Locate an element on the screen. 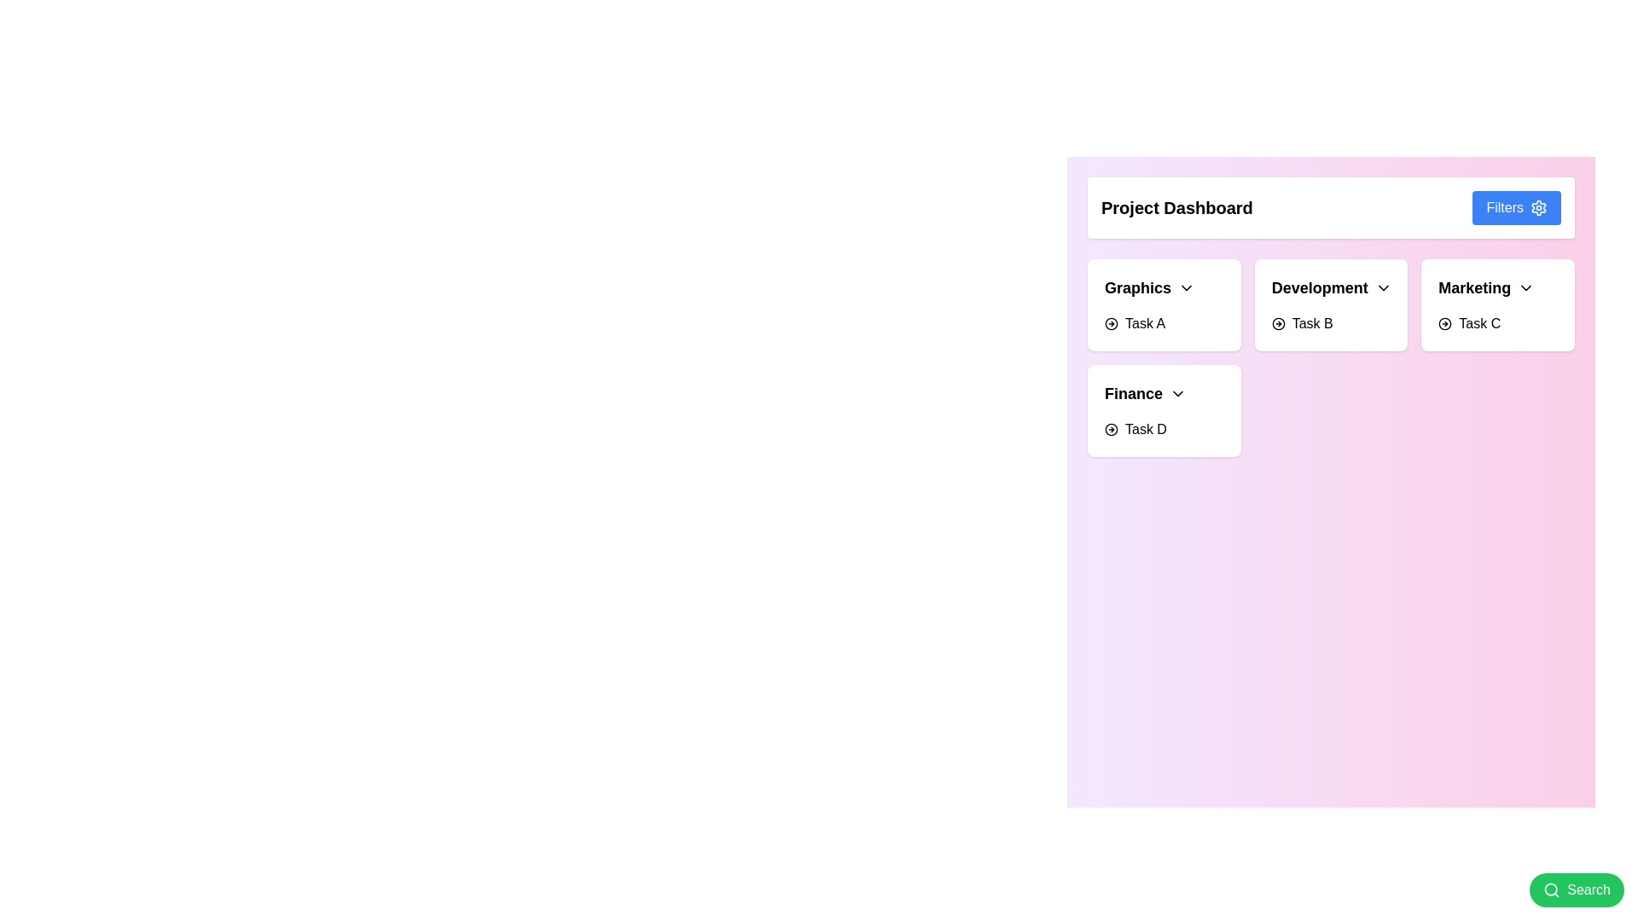 The height and width of the screenshot is (921, 1638). the circular icon with a right-pointing arrow located in the 'Development' section, adjacent to the text 'Task B' is located at coordinates (1278, 324).